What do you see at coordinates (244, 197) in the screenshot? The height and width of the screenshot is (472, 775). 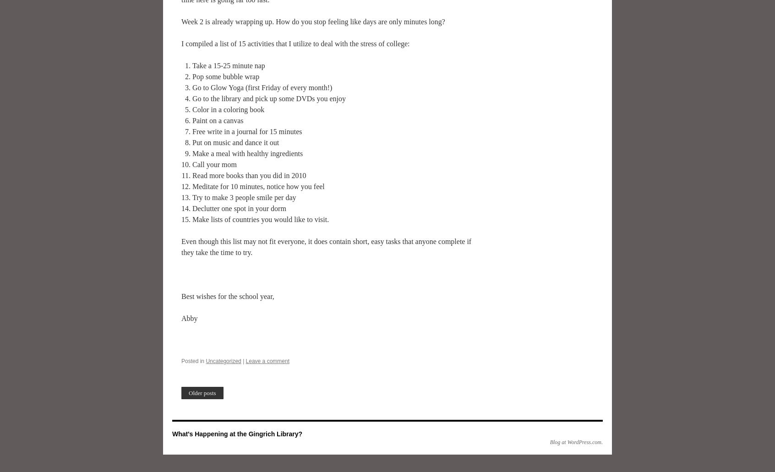 I see `'Try to make 3 people smile per day'` at bounding box center [244, 197].